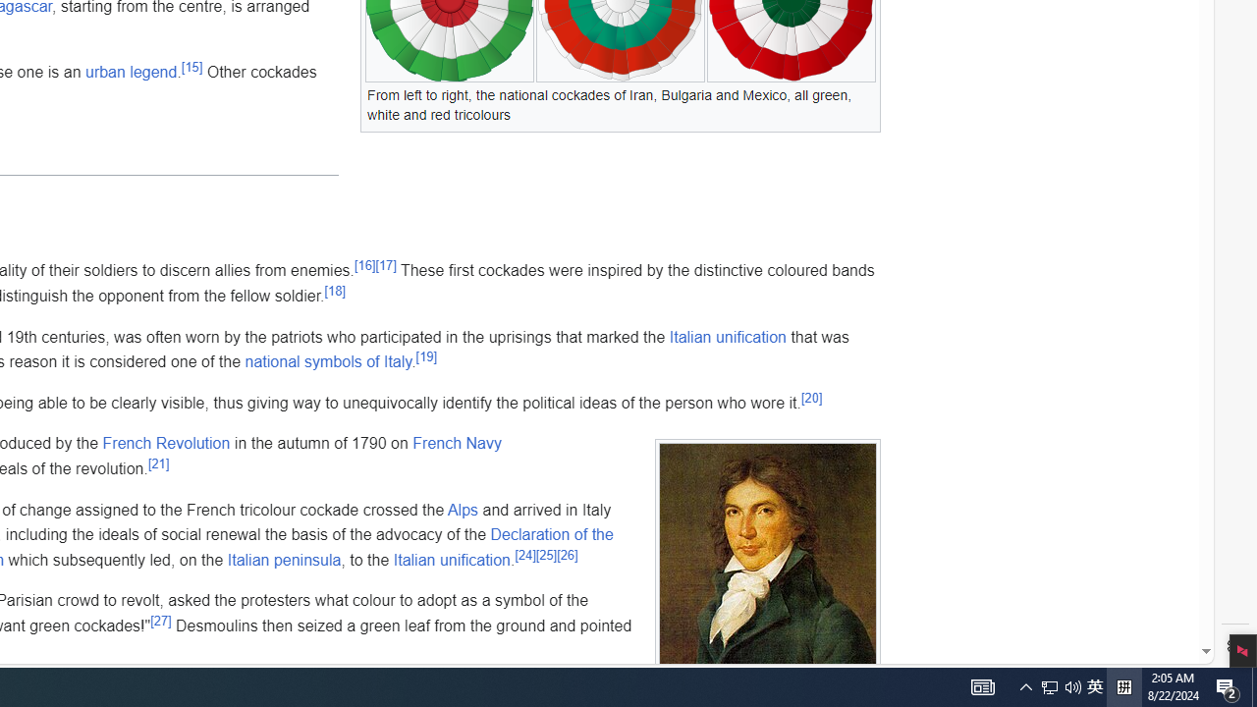  I want to click on '[20]', so click(811, 398).